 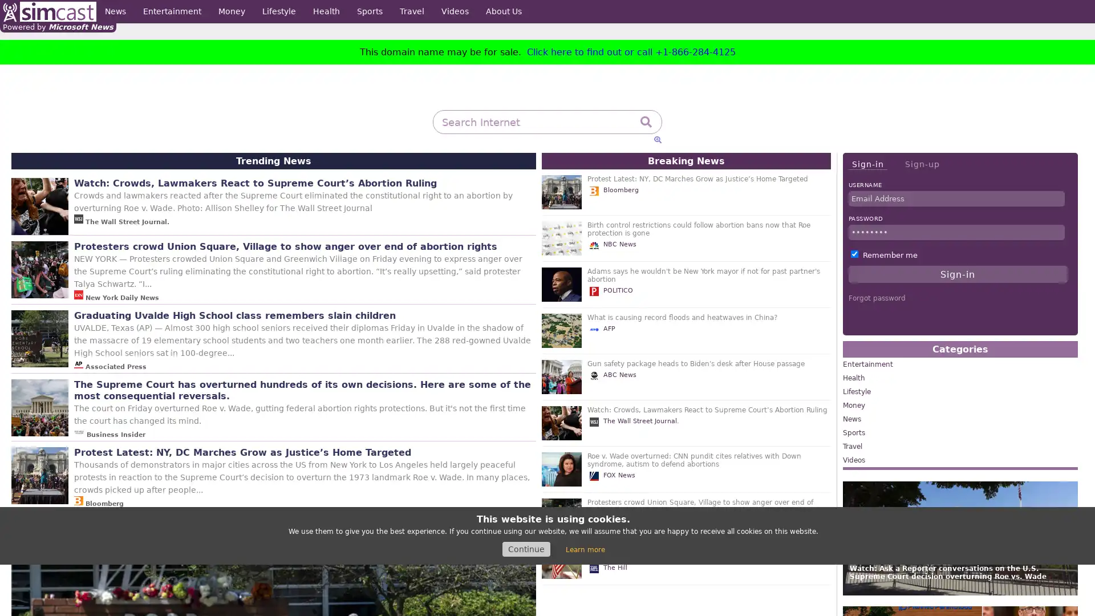 I want to click on Sign-in, so click(x=867, y=164).